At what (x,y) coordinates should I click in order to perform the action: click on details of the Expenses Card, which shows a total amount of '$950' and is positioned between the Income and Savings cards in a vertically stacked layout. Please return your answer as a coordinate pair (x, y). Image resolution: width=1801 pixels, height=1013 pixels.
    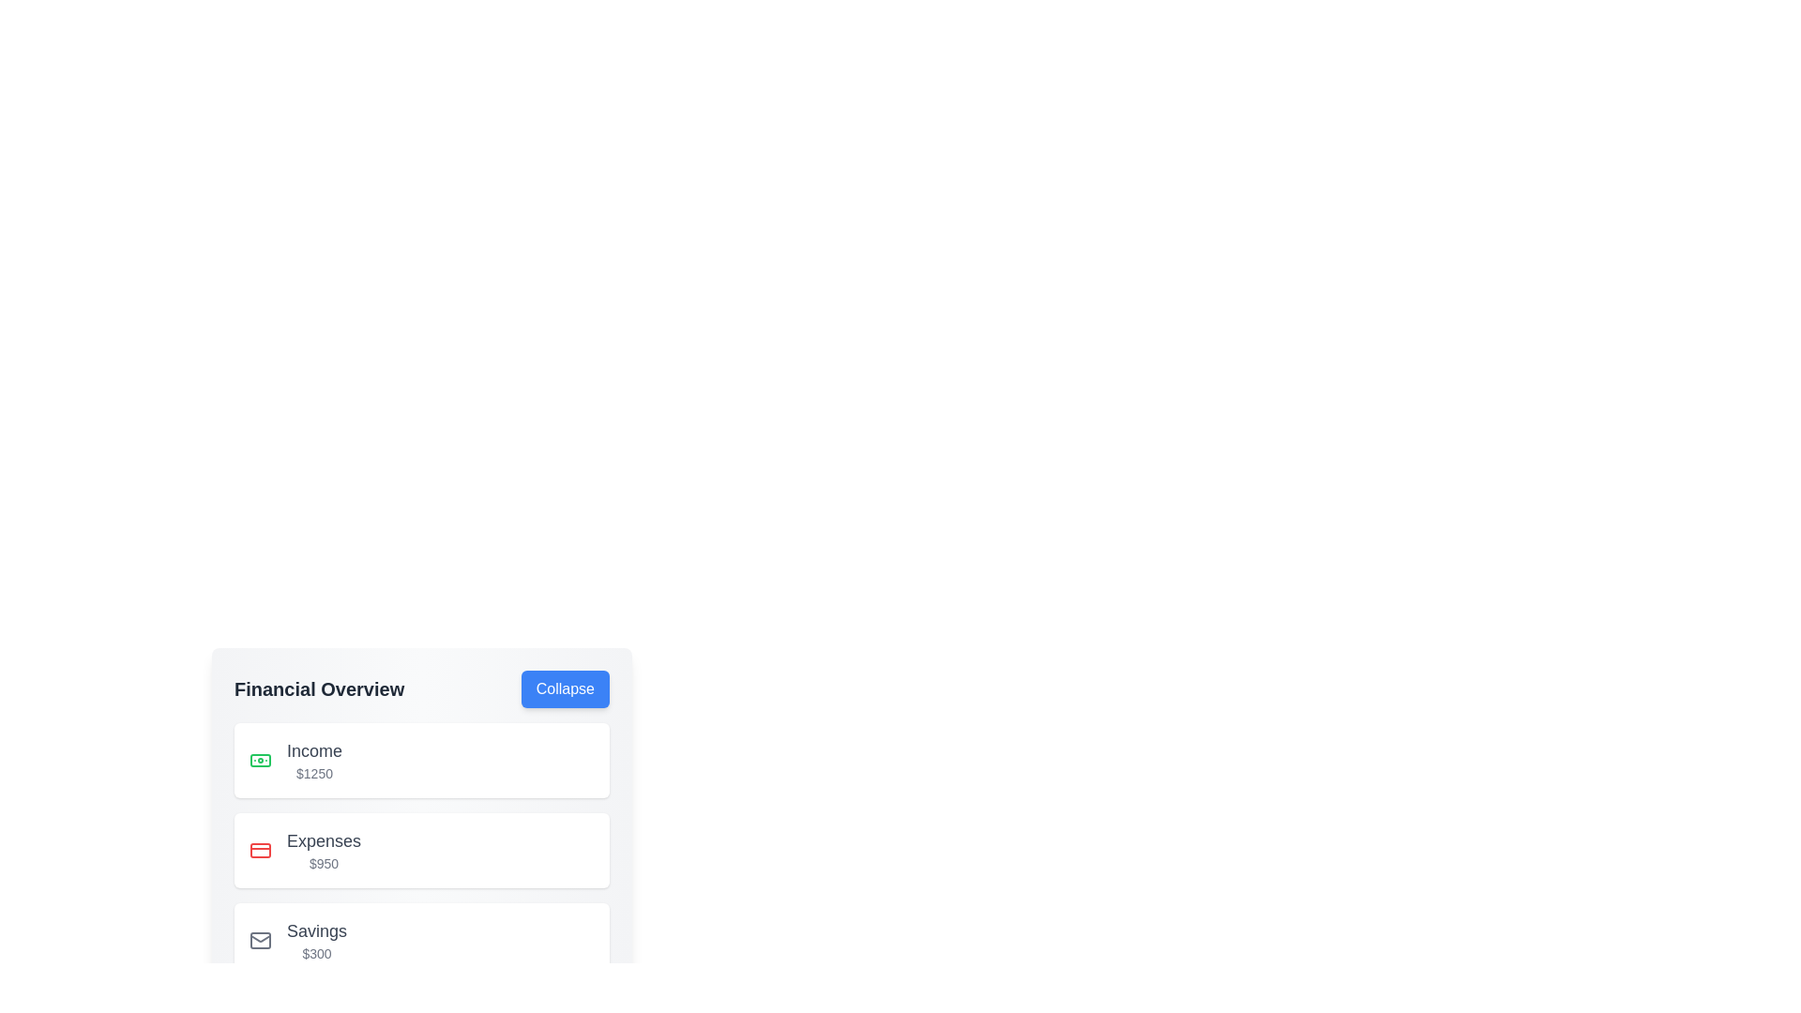
    Looking at the image, I should click on (421, 850).